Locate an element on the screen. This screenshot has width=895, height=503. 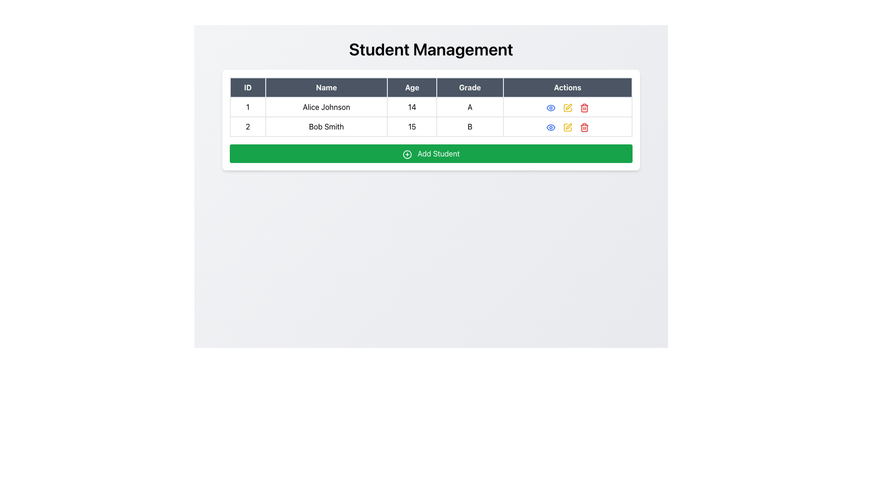
the edit icon button located in the Actions column for the student 'Alice Johnson' to initiate editing actions is located at coordinates (567, 107).